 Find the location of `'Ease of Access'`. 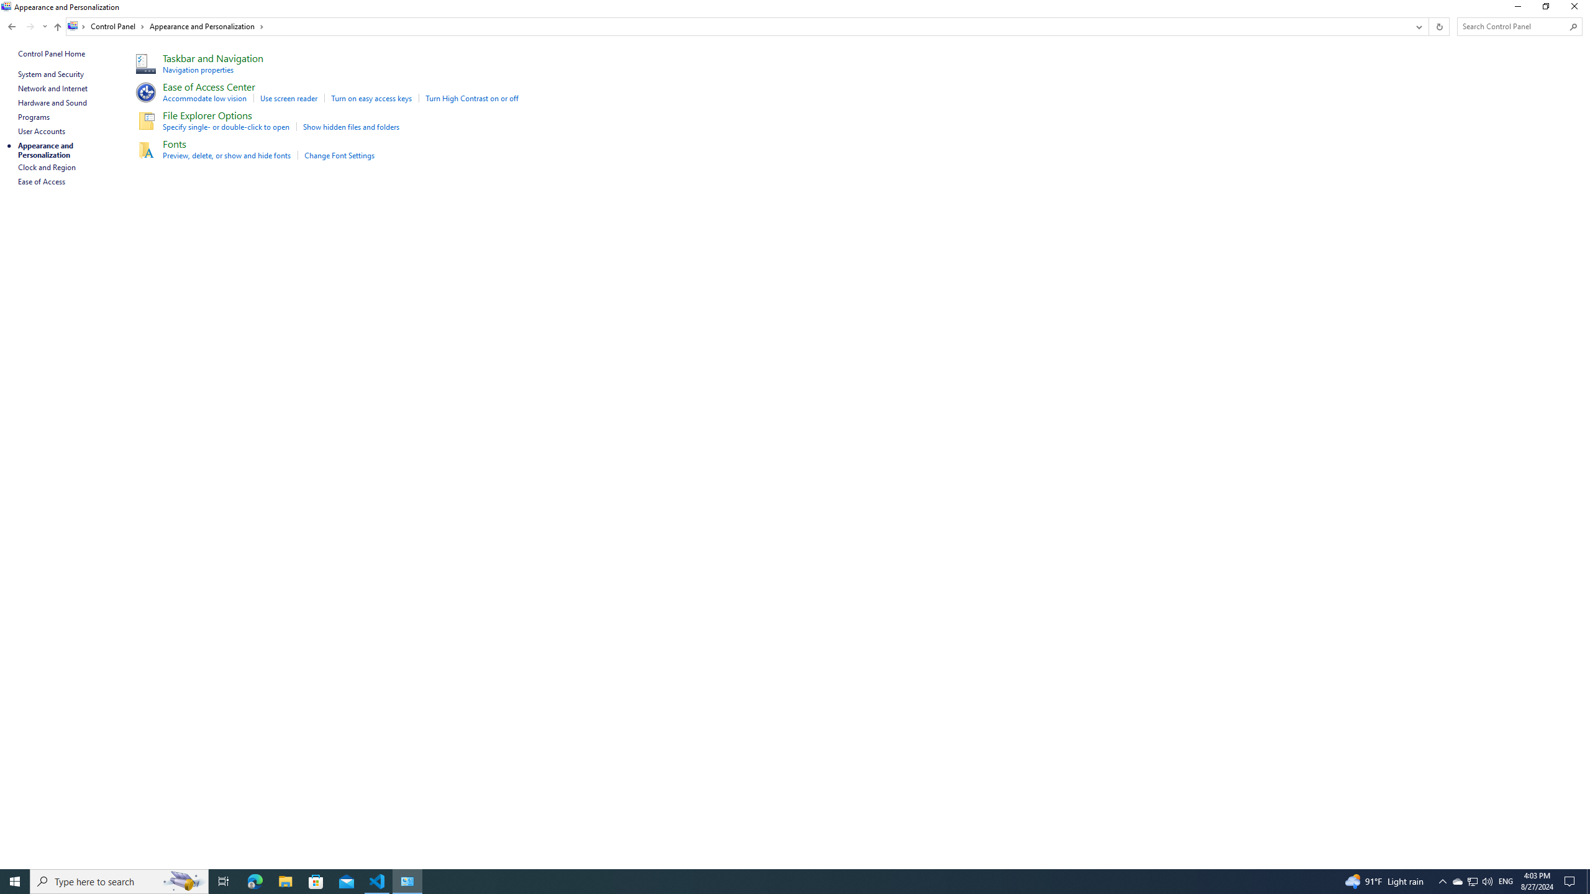

'Ease of Access' is located at coordinates (41, 181).